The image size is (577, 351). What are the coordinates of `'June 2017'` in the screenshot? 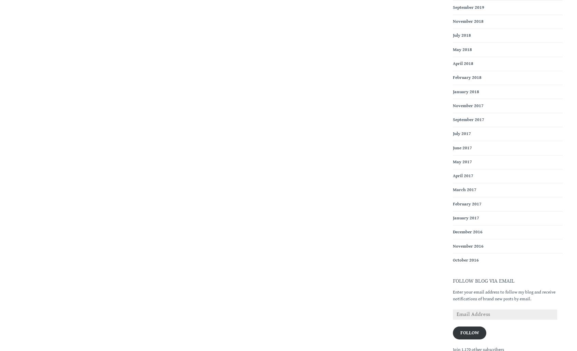 It's located at (462, 147).